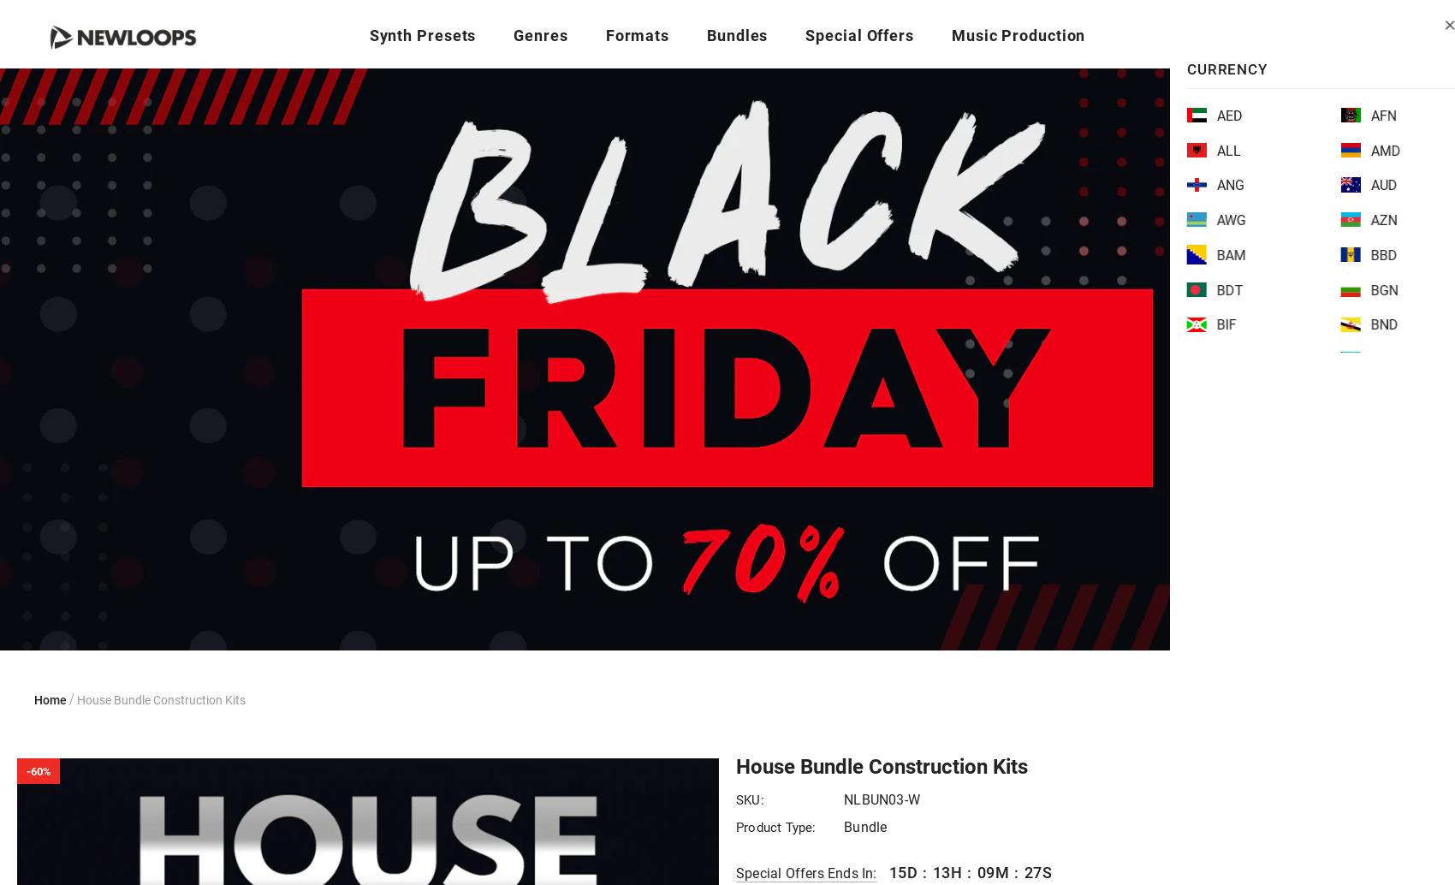  I want to click on 'Synth Presets', so click(422, 35).